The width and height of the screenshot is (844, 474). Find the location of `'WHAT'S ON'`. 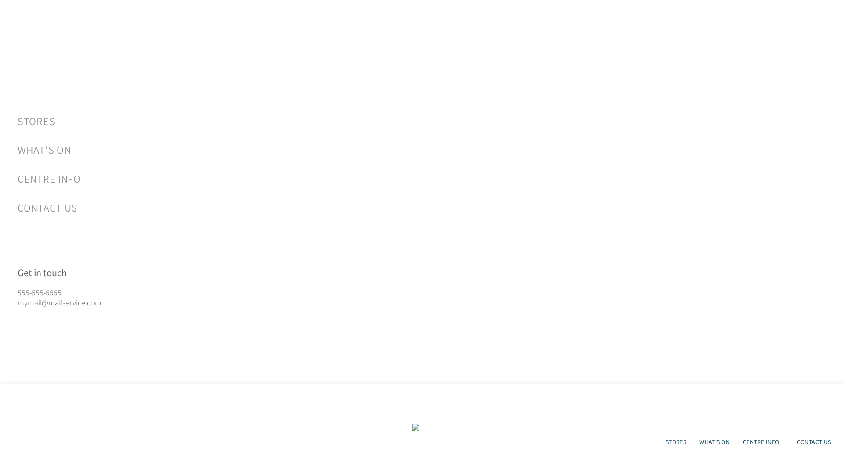

'WHAT'S ON' is located at coordinates (224, 150).